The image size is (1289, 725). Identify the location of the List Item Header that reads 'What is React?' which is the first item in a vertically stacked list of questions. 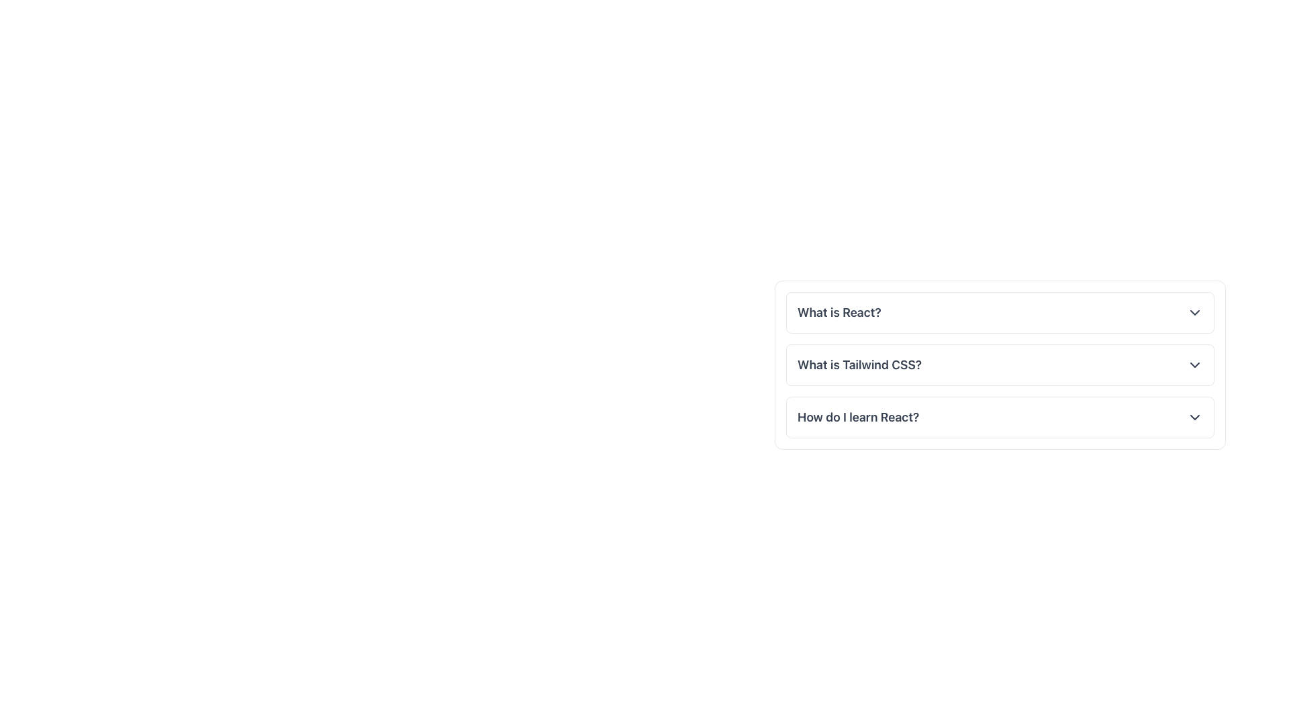
(1000, 313).